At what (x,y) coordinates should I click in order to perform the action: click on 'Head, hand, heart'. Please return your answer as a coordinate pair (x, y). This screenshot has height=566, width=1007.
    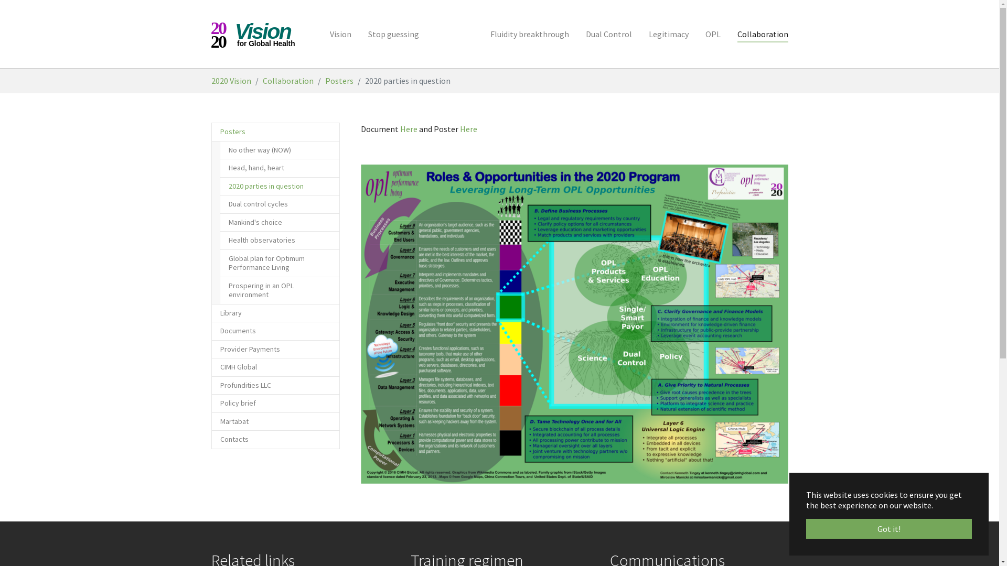
    Looking at the image, I should click on (218, 167).